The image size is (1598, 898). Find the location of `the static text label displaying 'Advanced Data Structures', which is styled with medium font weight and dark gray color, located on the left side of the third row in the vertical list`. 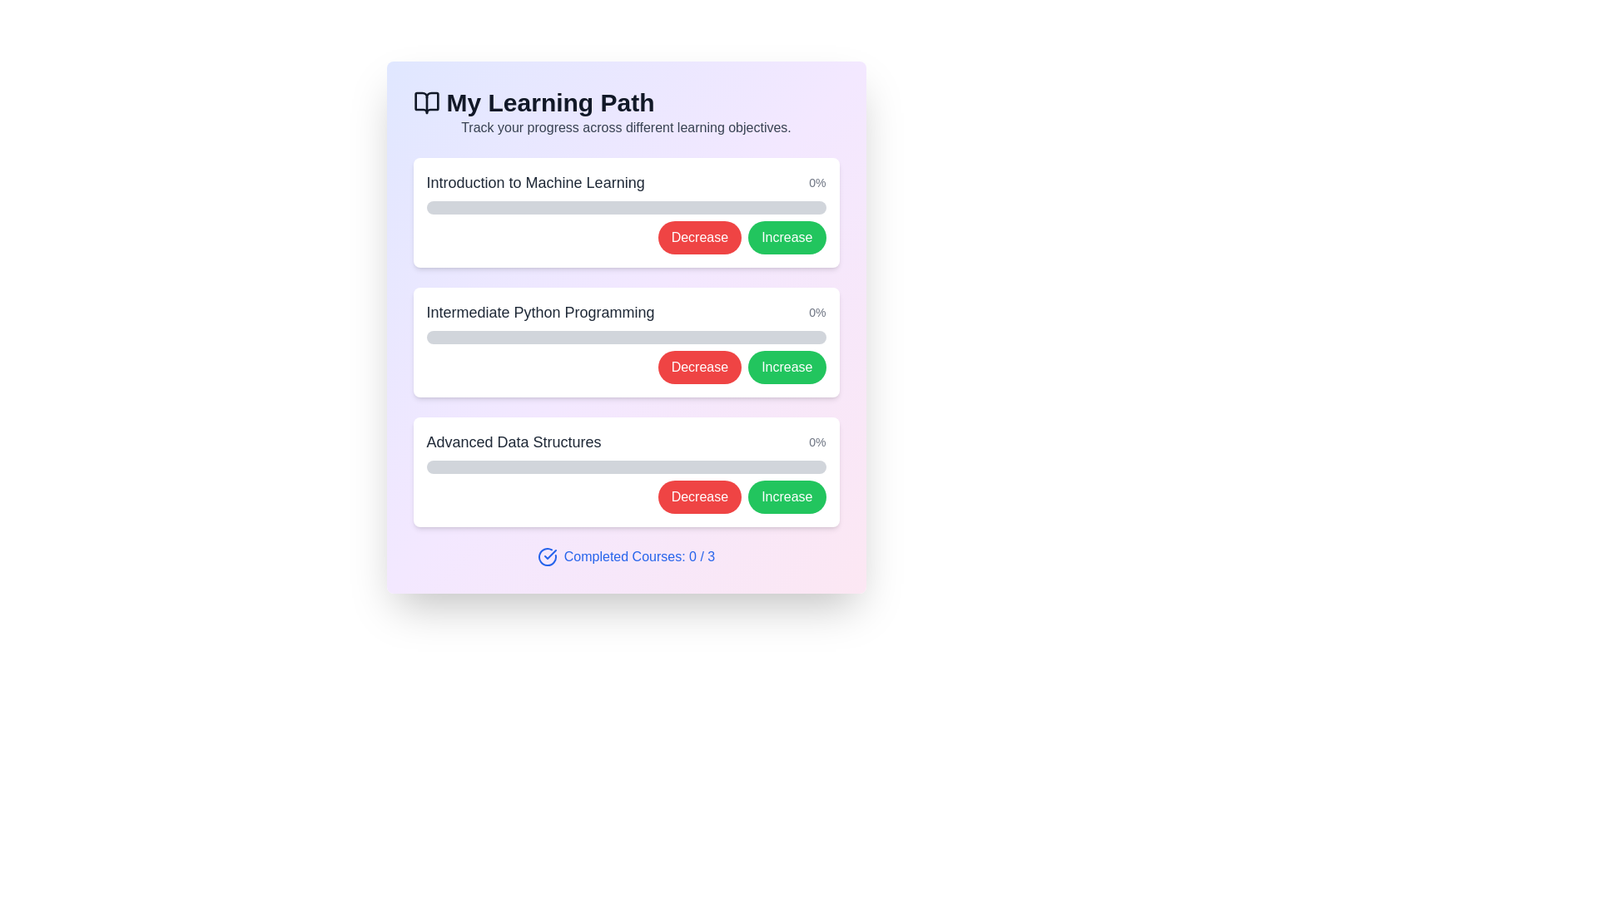

the static text label displaying 'Advanced Data Structures', which is styled with medium font weight and dark gray color, located on the left side of the third row in the vertical list is located at coordinates (513, 442).